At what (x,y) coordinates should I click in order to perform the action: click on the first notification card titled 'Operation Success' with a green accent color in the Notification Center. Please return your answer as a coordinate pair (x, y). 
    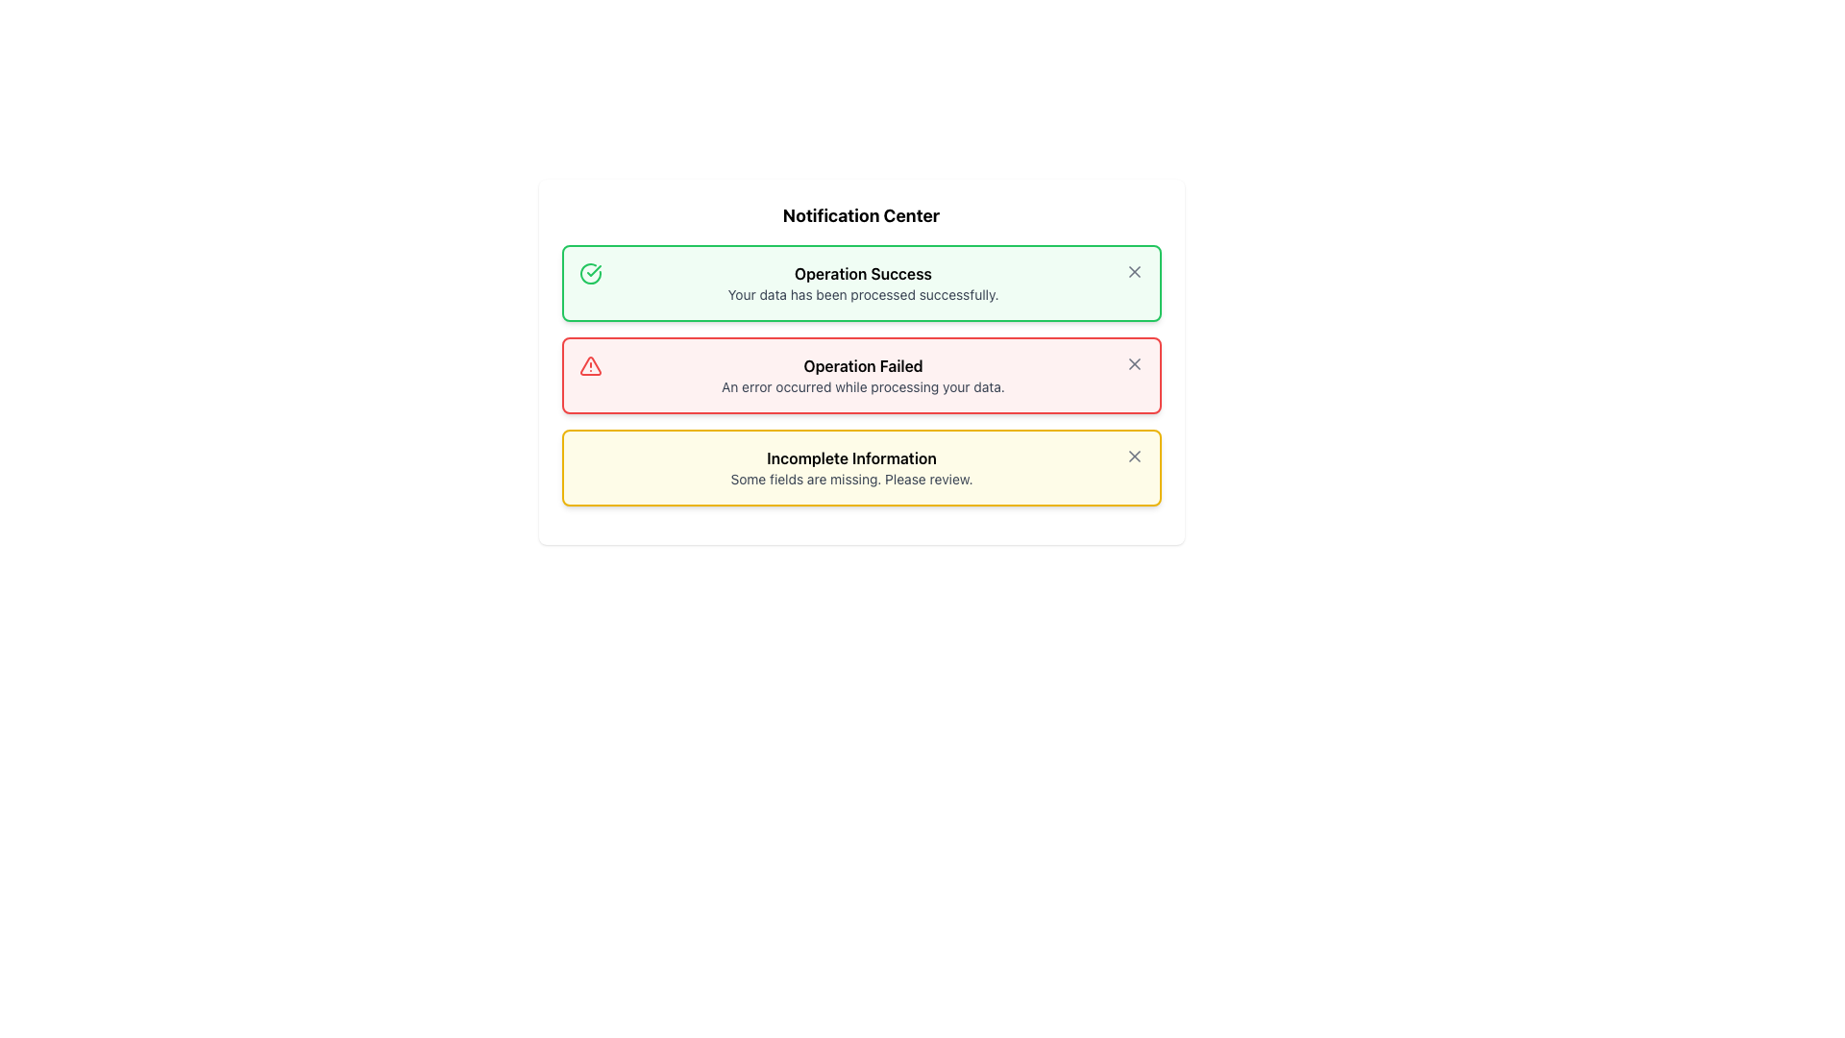
    Looking at the image, I should click on (860, 283).